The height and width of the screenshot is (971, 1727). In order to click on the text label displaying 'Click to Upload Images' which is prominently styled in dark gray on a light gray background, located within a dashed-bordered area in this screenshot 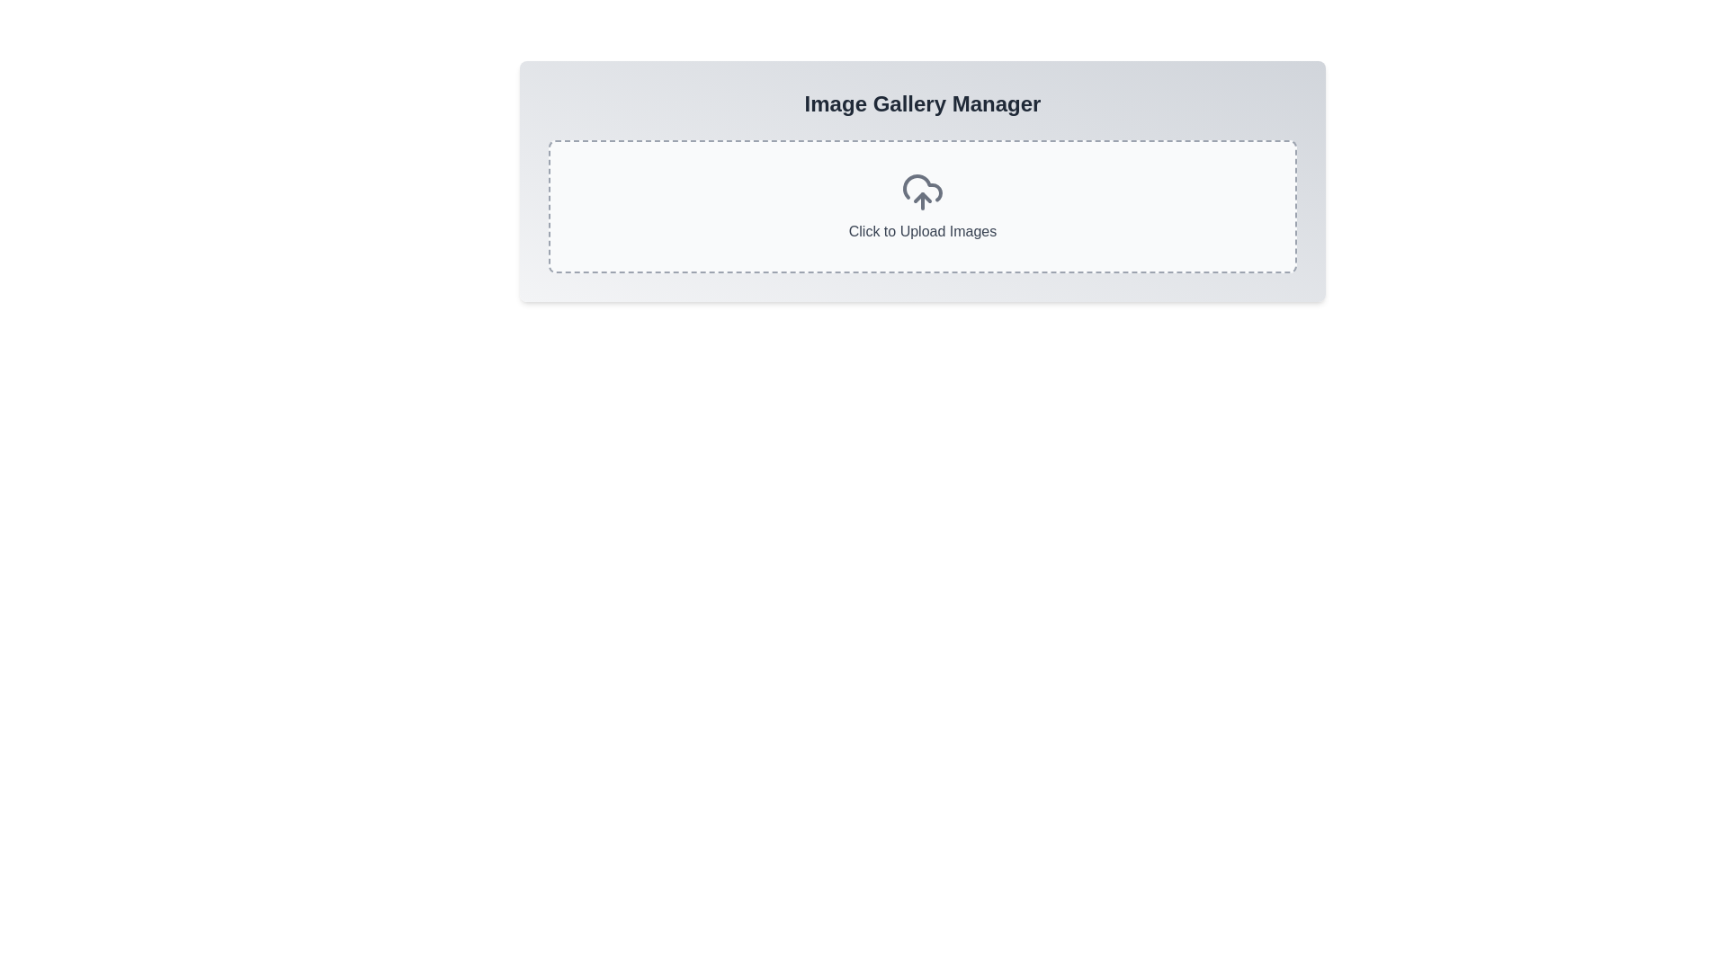, I will do `click(923, 230)`.